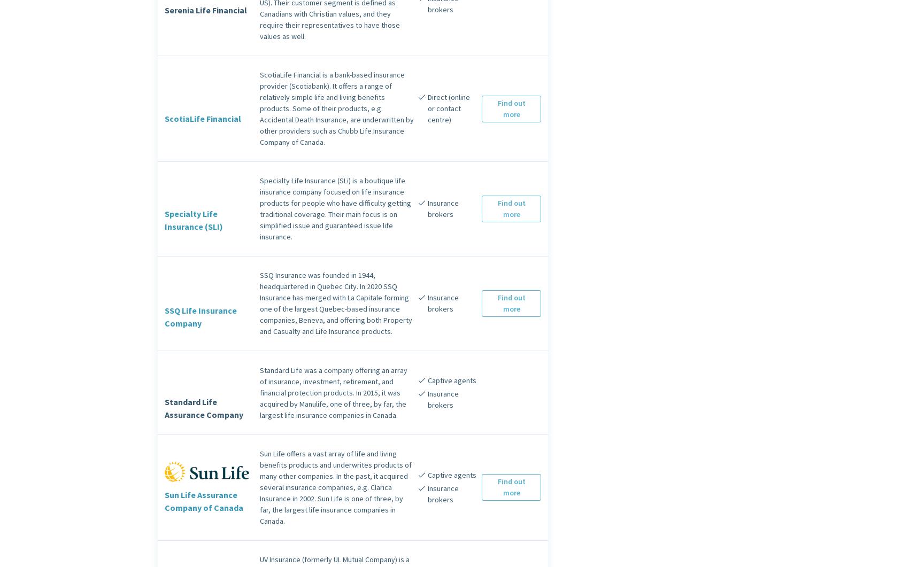  Describe the element at coordinates (335, 302) in the screenshot. I see `'SSQ Insurance was founded in 1944, headquartered in Quebec City. In 2020 SSQ Insurance has merged with La Capitale forming one of the largest Quebec-based insurance companies, Beneva, and offering both Property and Casualty and Life Insurance products.'` at that location.